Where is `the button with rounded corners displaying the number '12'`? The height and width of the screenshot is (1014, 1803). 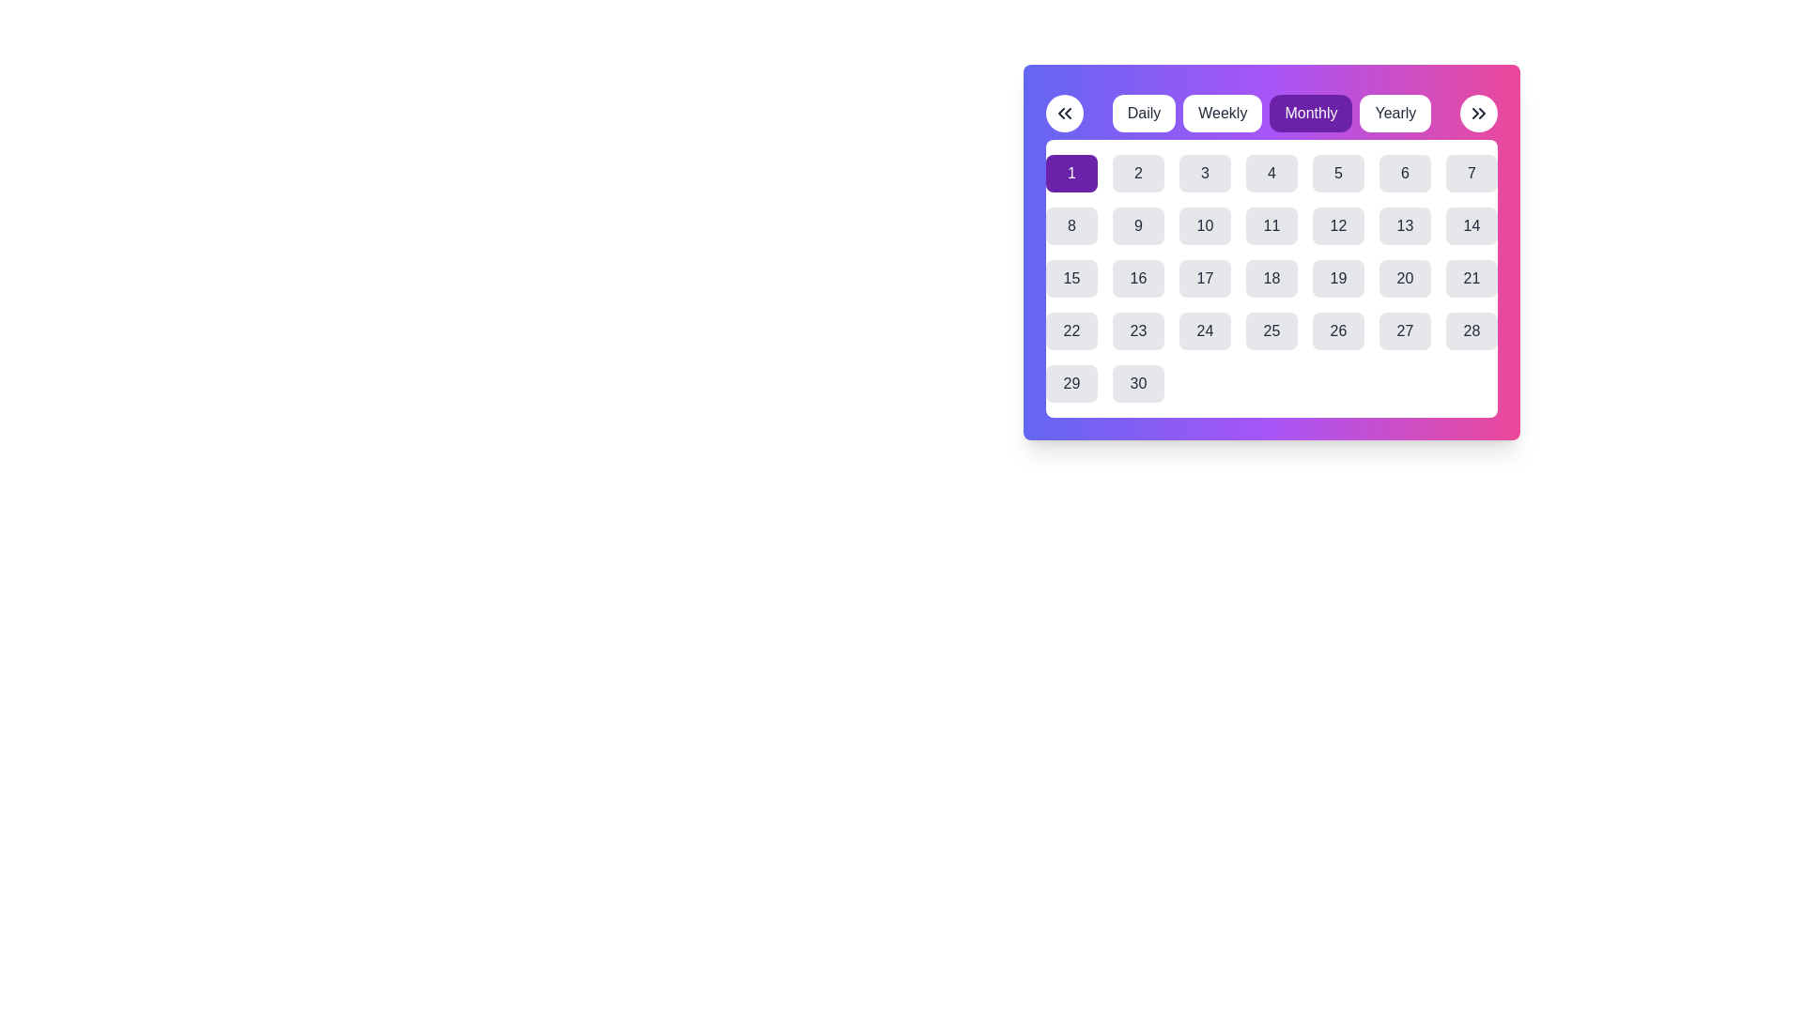
the button with rounded corners displaying the number '12' is located at coordinates (1337, 224).